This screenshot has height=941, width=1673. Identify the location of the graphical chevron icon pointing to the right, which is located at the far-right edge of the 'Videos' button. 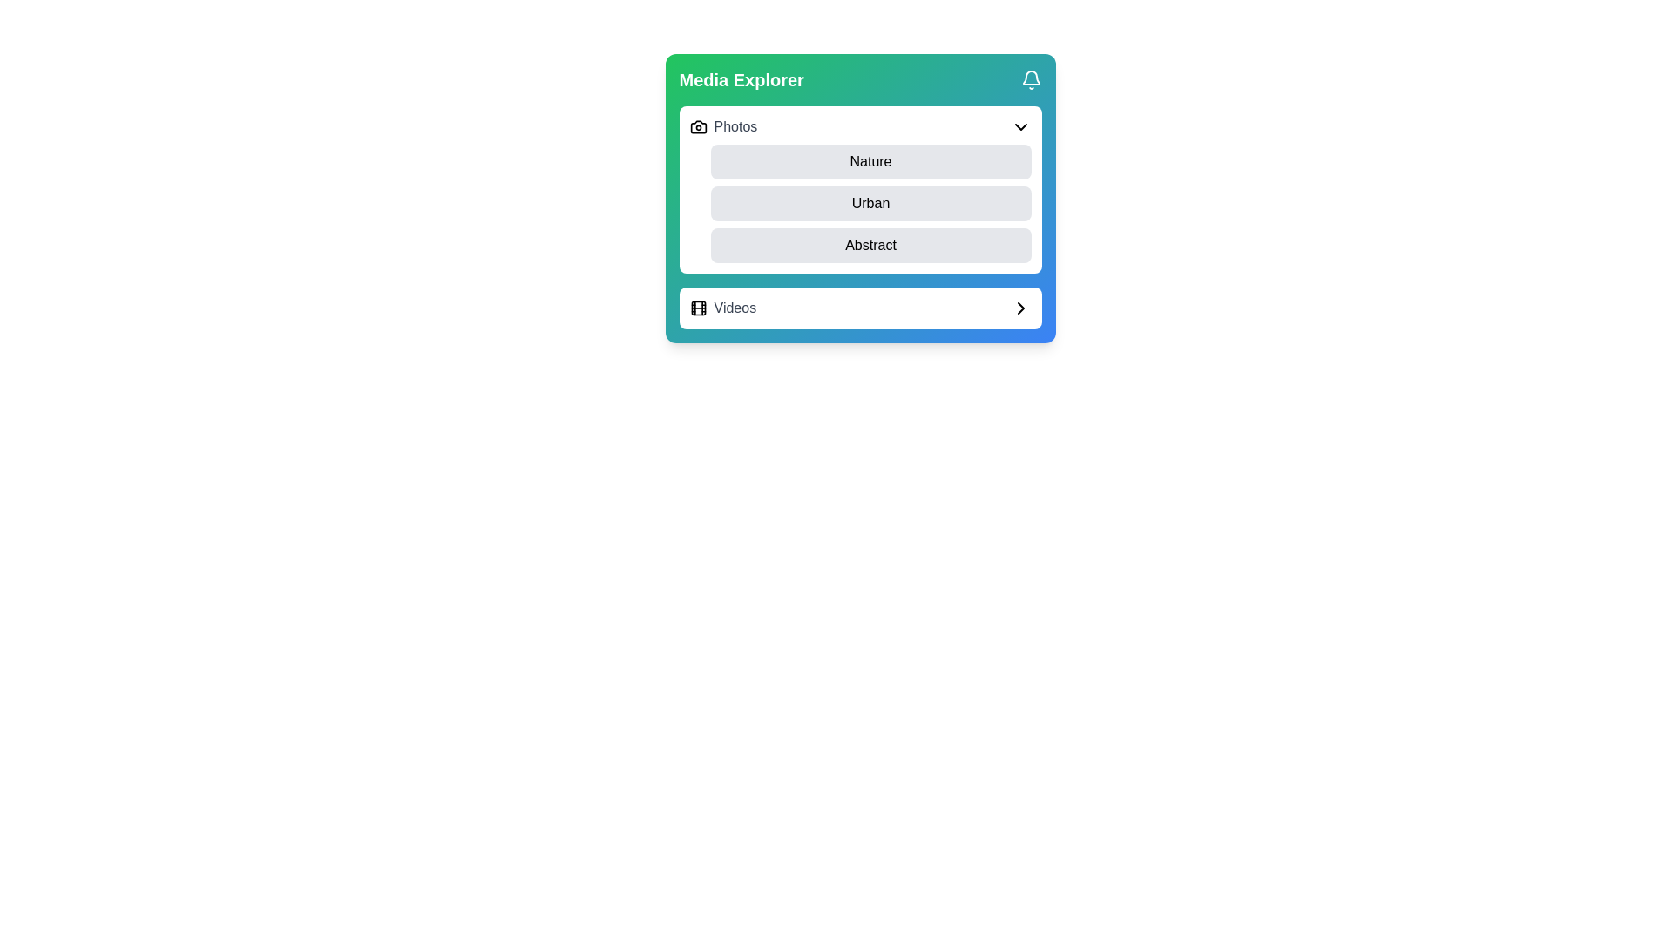
(1020, 308).